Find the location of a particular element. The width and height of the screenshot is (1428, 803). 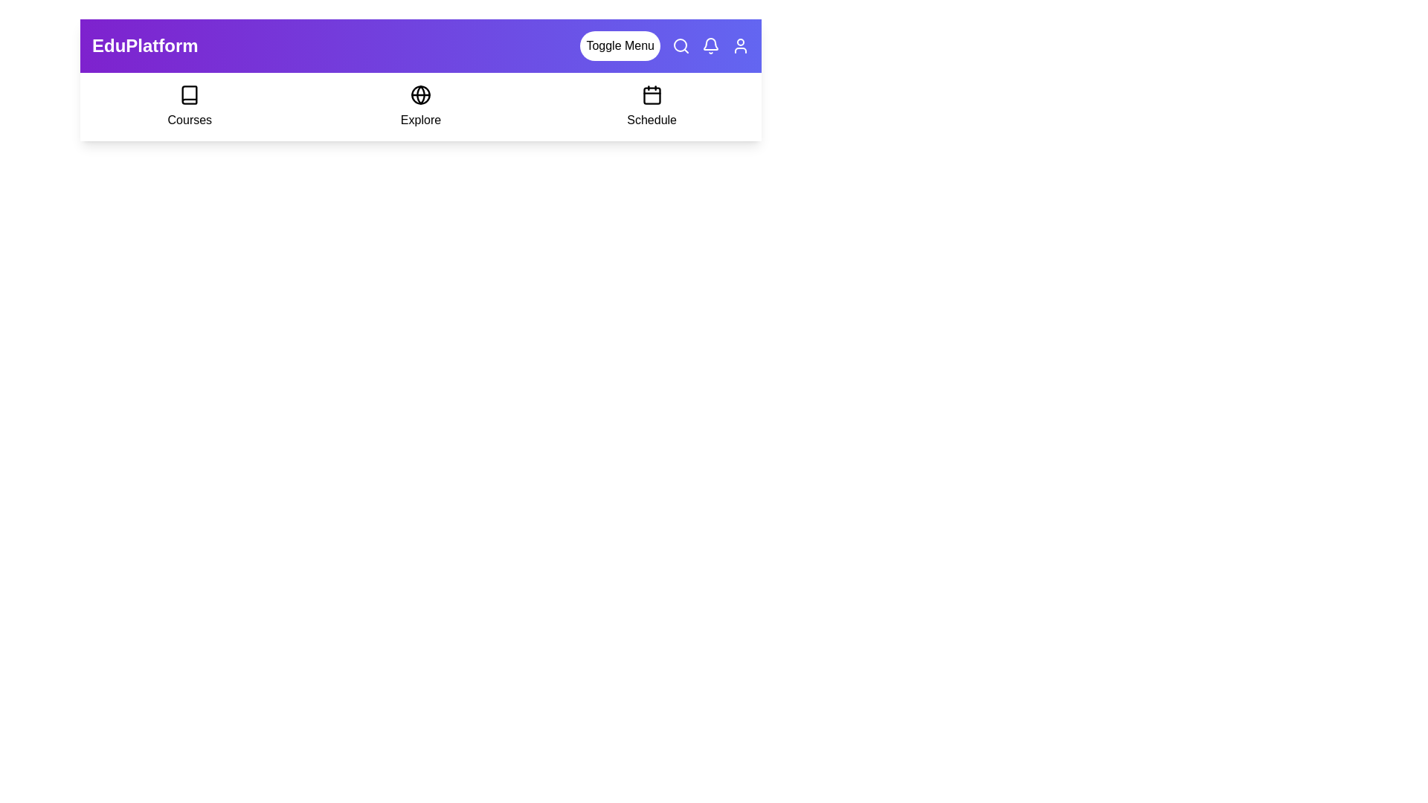

the search icon to activate the search functionality is located at coordinates (681, 45).